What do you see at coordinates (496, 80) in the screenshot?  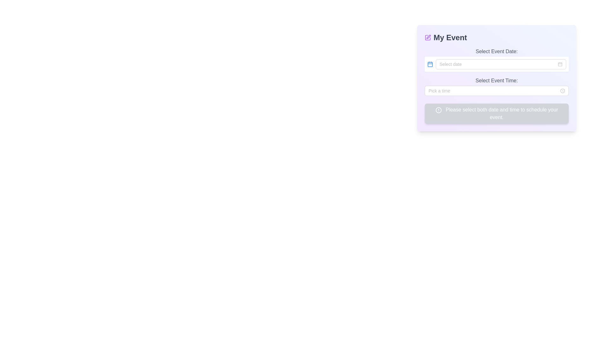 I see `the text label reading 'Select Event Time:' which is prominently displayed above the time picker input field` at bounding box center [496, 80].